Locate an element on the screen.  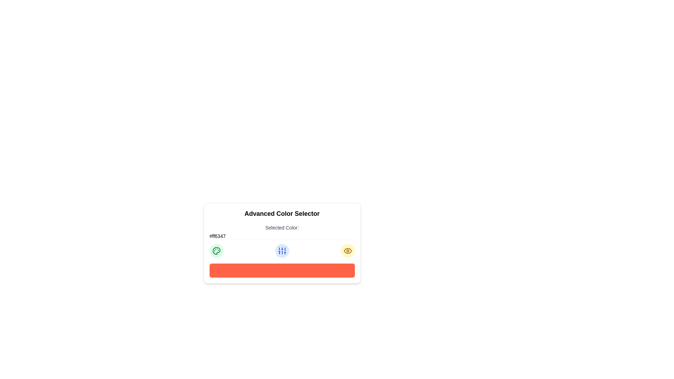
the rounded button with a light blue background and vertical sliders icon located in the 'Advanced Color Selector' section, below the hex color code input field, to navigate is located at coordinates (282, 250).